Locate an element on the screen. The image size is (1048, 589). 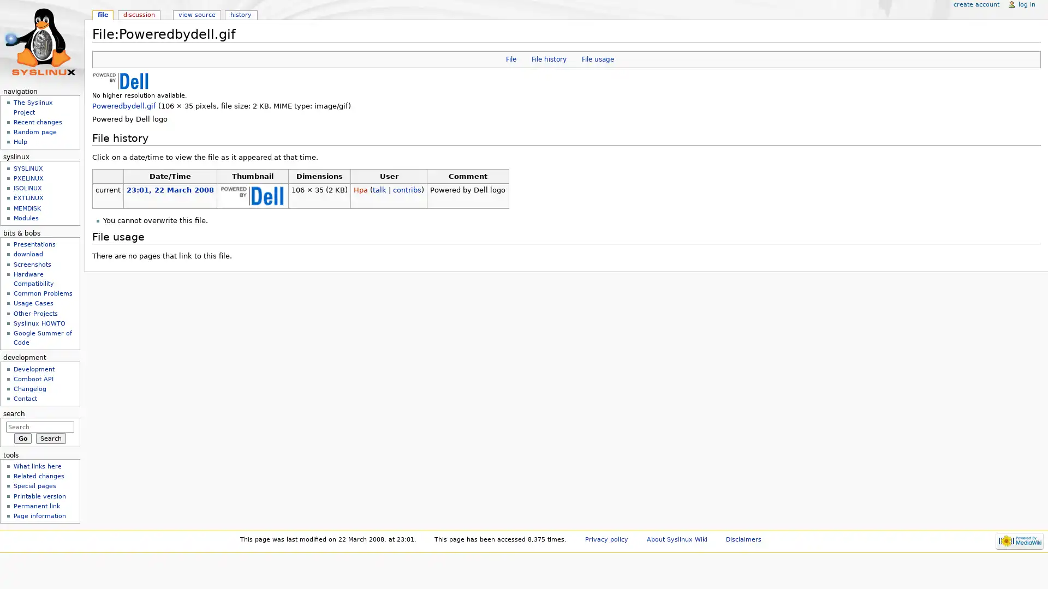
Search is located at coordinates (50, 437).